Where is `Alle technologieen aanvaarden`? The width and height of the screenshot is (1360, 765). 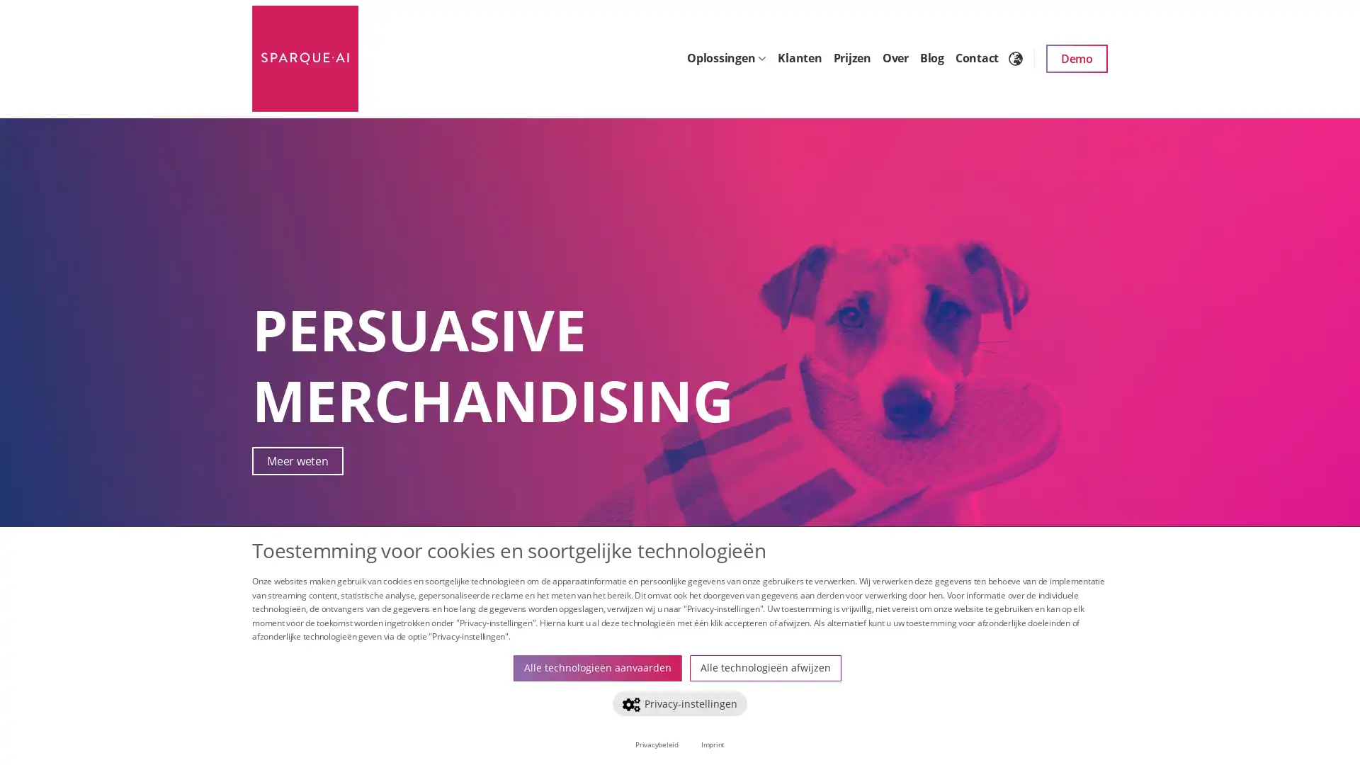 Alle technologieen aanvaarden is located at coordinates (598, 667).